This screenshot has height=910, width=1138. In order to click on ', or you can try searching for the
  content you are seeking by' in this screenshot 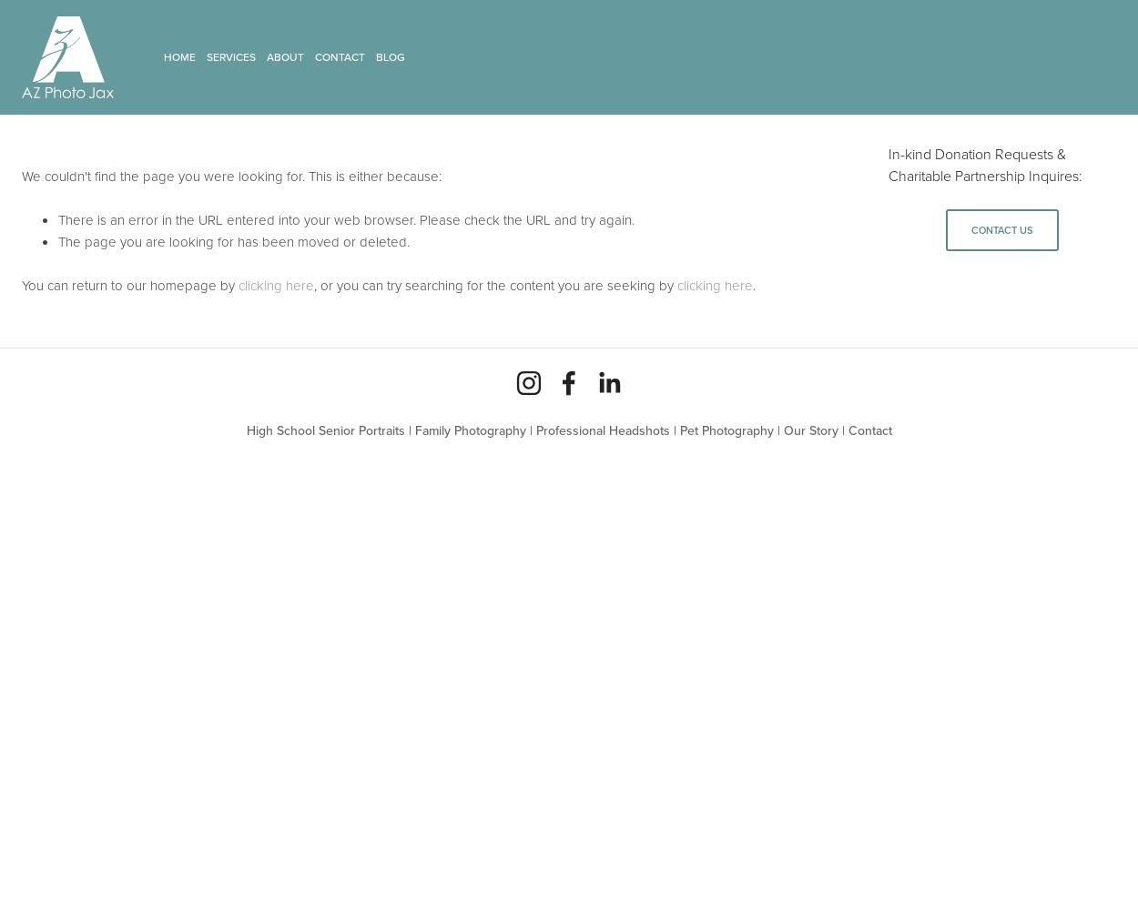, I will do `click(313, 285)`.